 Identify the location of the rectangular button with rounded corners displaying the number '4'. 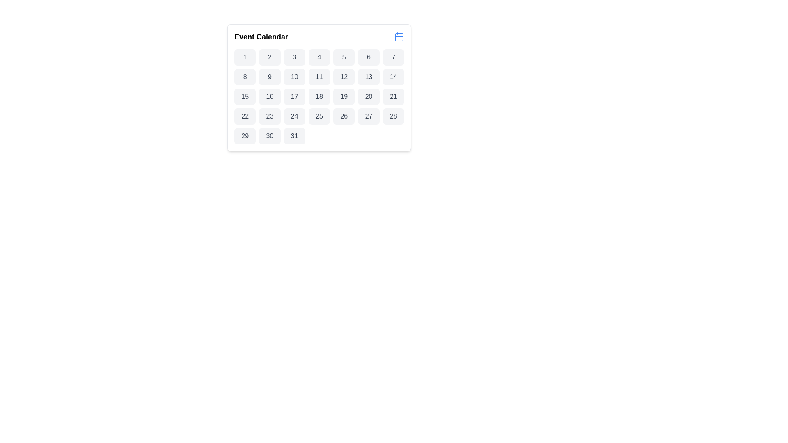
(318, 57).